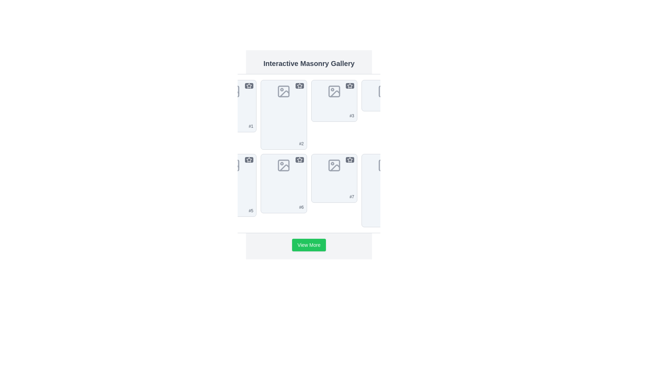  I want to click on the star-shaped icon button located in the first grid item of the 'Interactive Masonry Gallery', positioned in the upper-left corner near the top-right of its grid item, so click(249, 85).